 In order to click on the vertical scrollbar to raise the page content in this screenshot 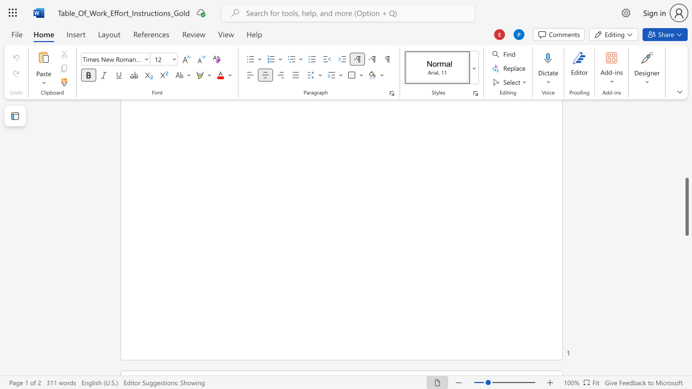, I will do `click(686, 123)`.